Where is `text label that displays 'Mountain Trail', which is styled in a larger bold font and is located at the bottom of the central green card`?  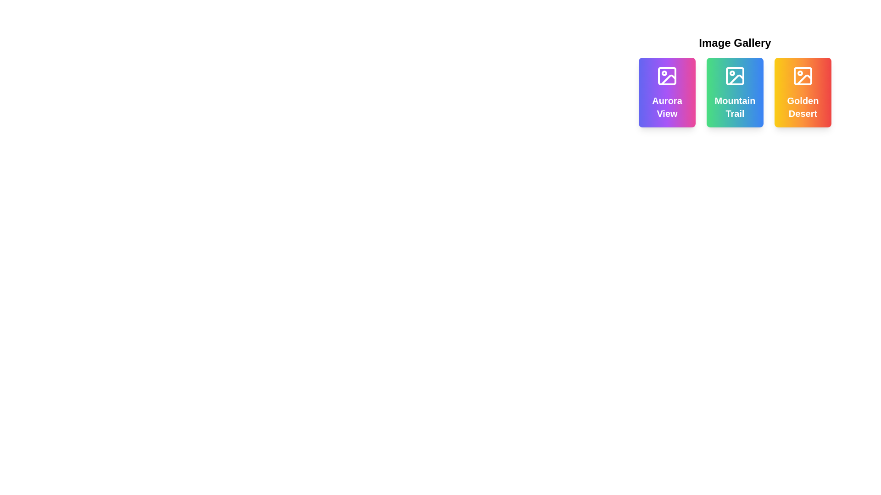
text label that displays 'Mountain Trail', which is styled in a larger bold font and is located at the bottom of the central green card is located at coordinates (735, 107).